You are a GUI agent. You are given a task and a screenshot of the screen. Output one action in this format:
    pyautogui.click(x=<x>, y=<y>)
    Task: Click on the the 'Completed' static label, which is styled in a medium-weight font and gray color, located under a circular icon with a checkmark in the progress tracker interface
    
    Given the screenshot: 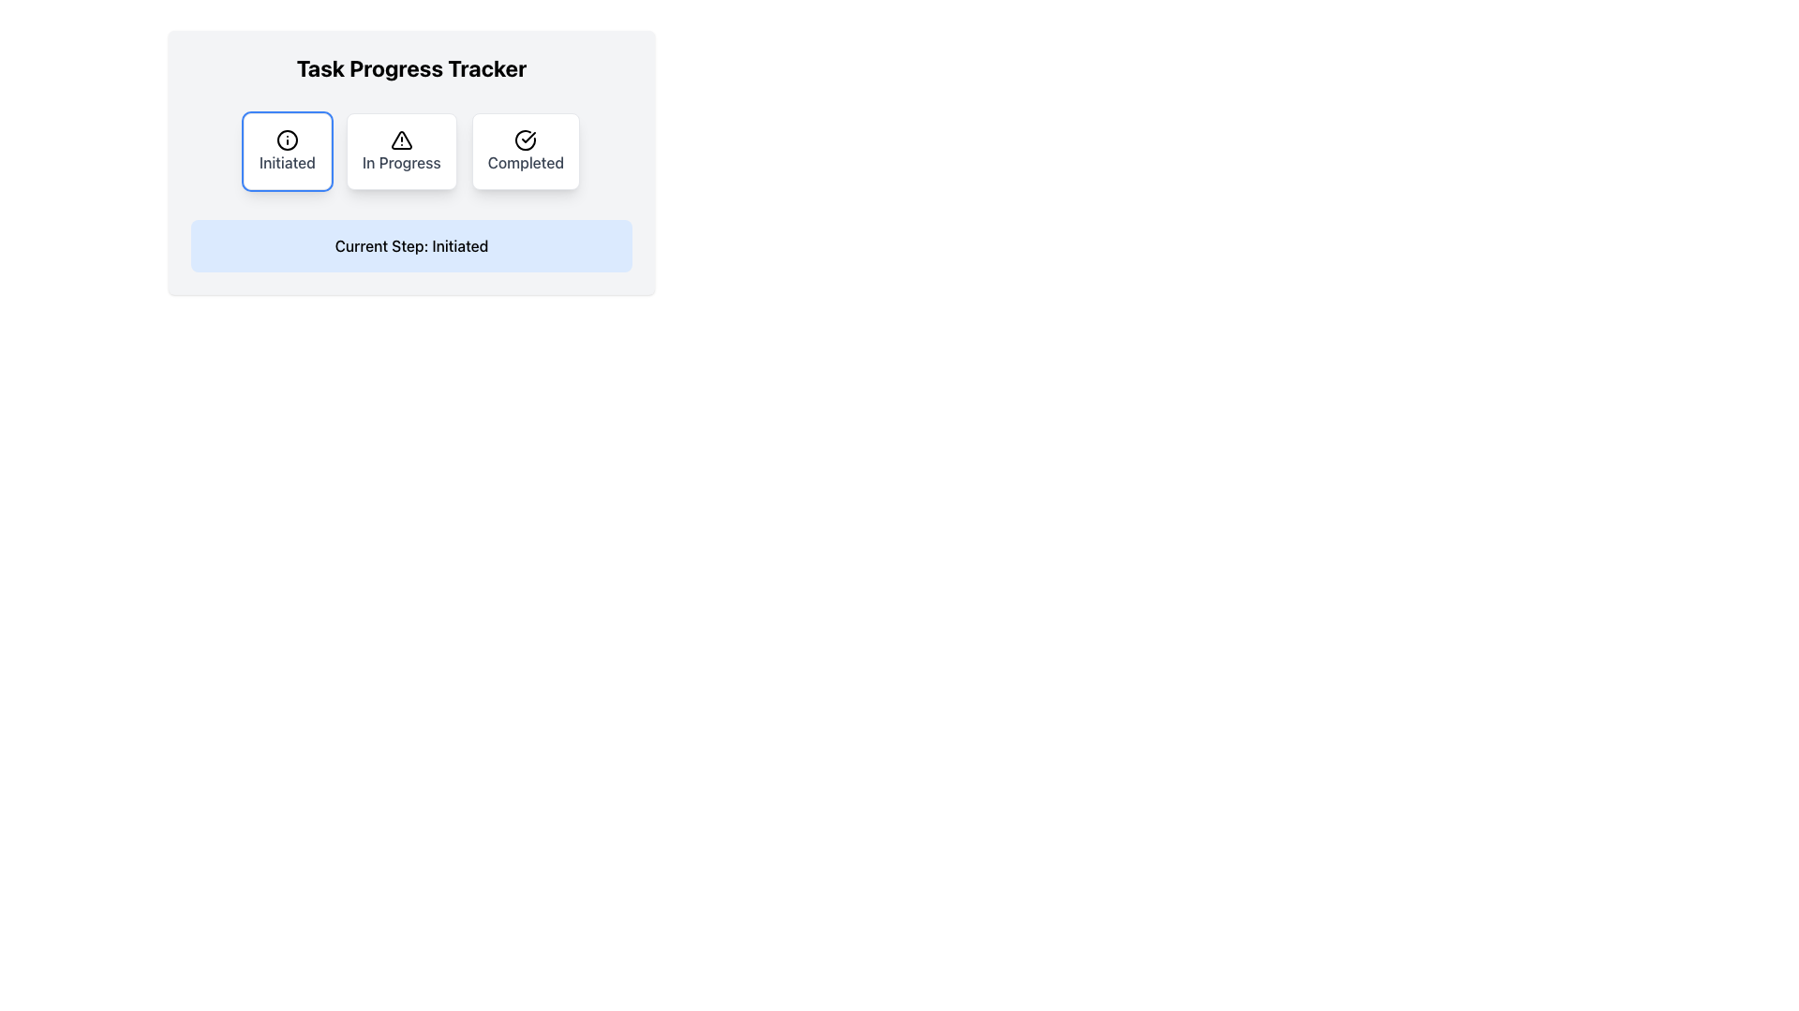 What is the action you would take?
    pyautogui.click(x=525, y=161)
    